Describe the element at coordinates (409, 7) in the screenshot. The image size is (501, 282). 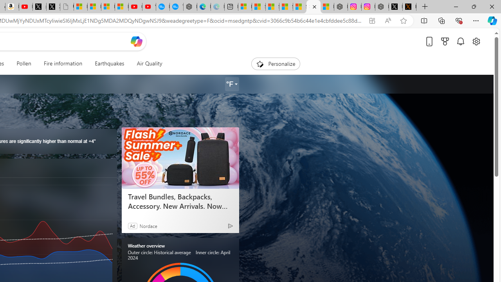
I see `'help.x.com | 524: A timeout occurred'` at that location.